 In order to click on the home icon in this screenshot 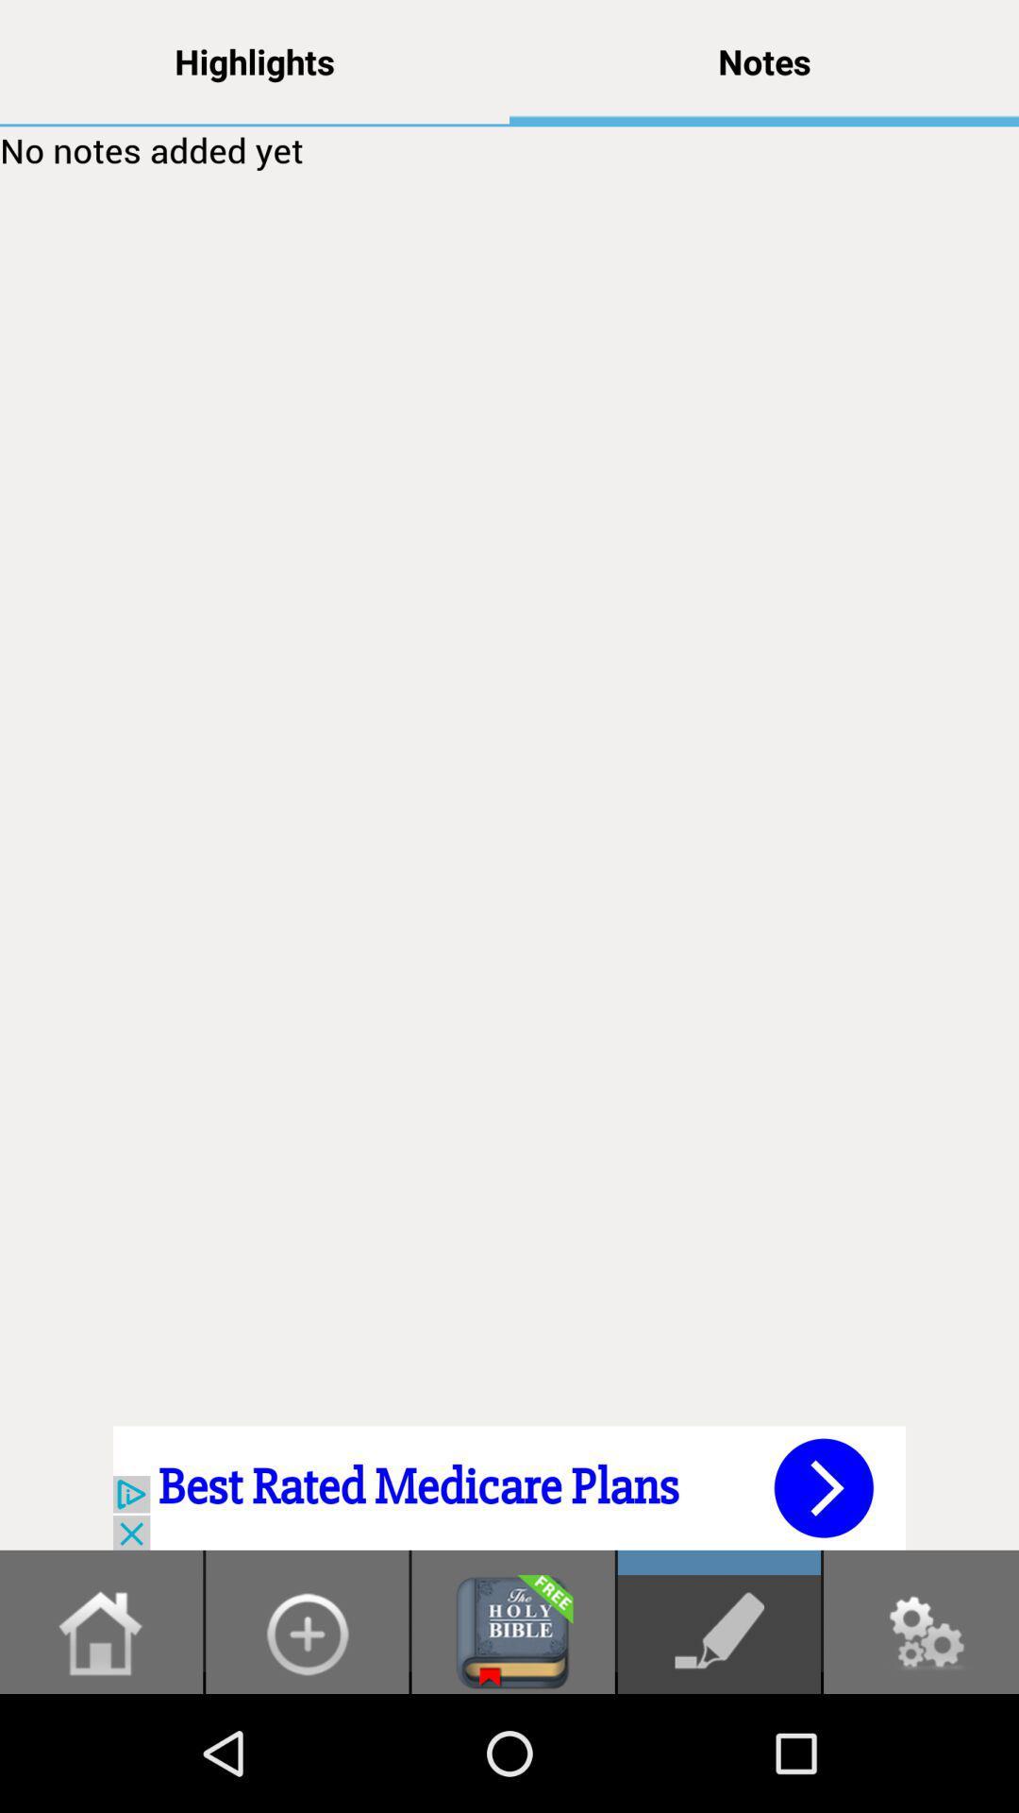, I will do `click(101, 1748)`.